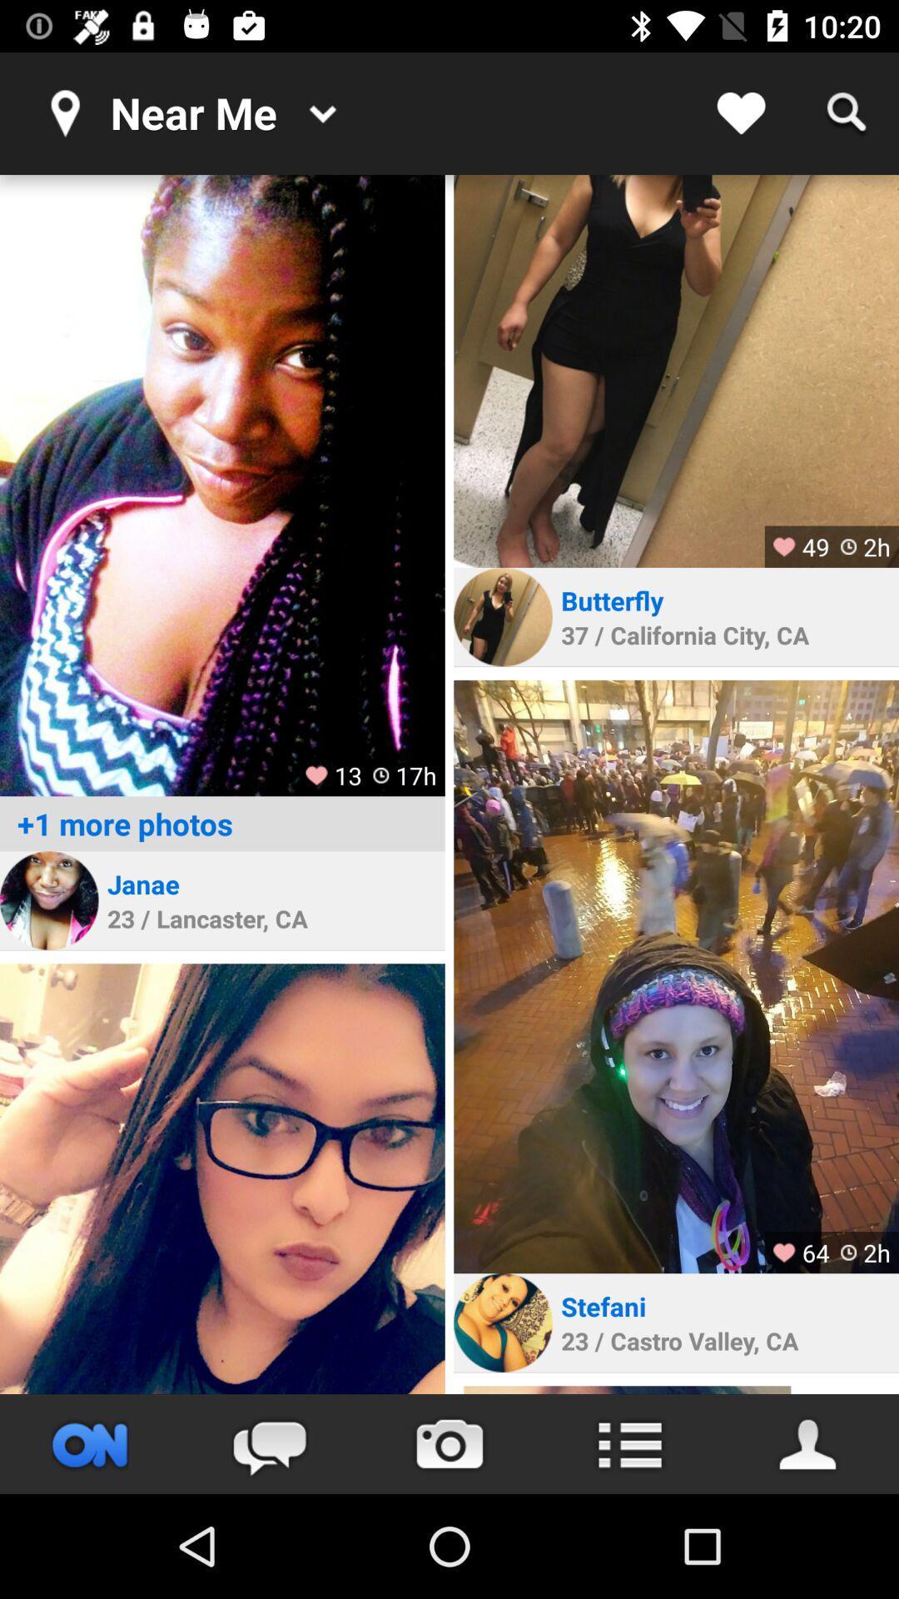  What do you see at coordinates (615, 600) in the screenshot?
I see `the butterfly  item` at bounding box center [615, 600].